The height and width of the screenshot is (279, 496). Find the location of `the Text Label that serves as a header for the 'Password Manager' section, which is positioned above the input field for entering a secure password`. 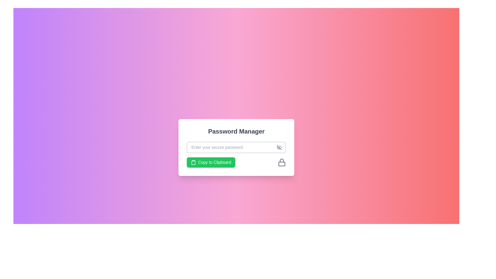

the Text Label that serves as a header for the 'Password Manager' section, which is positioned above the input field for entering a secure password is located at coordinates (236, 131).